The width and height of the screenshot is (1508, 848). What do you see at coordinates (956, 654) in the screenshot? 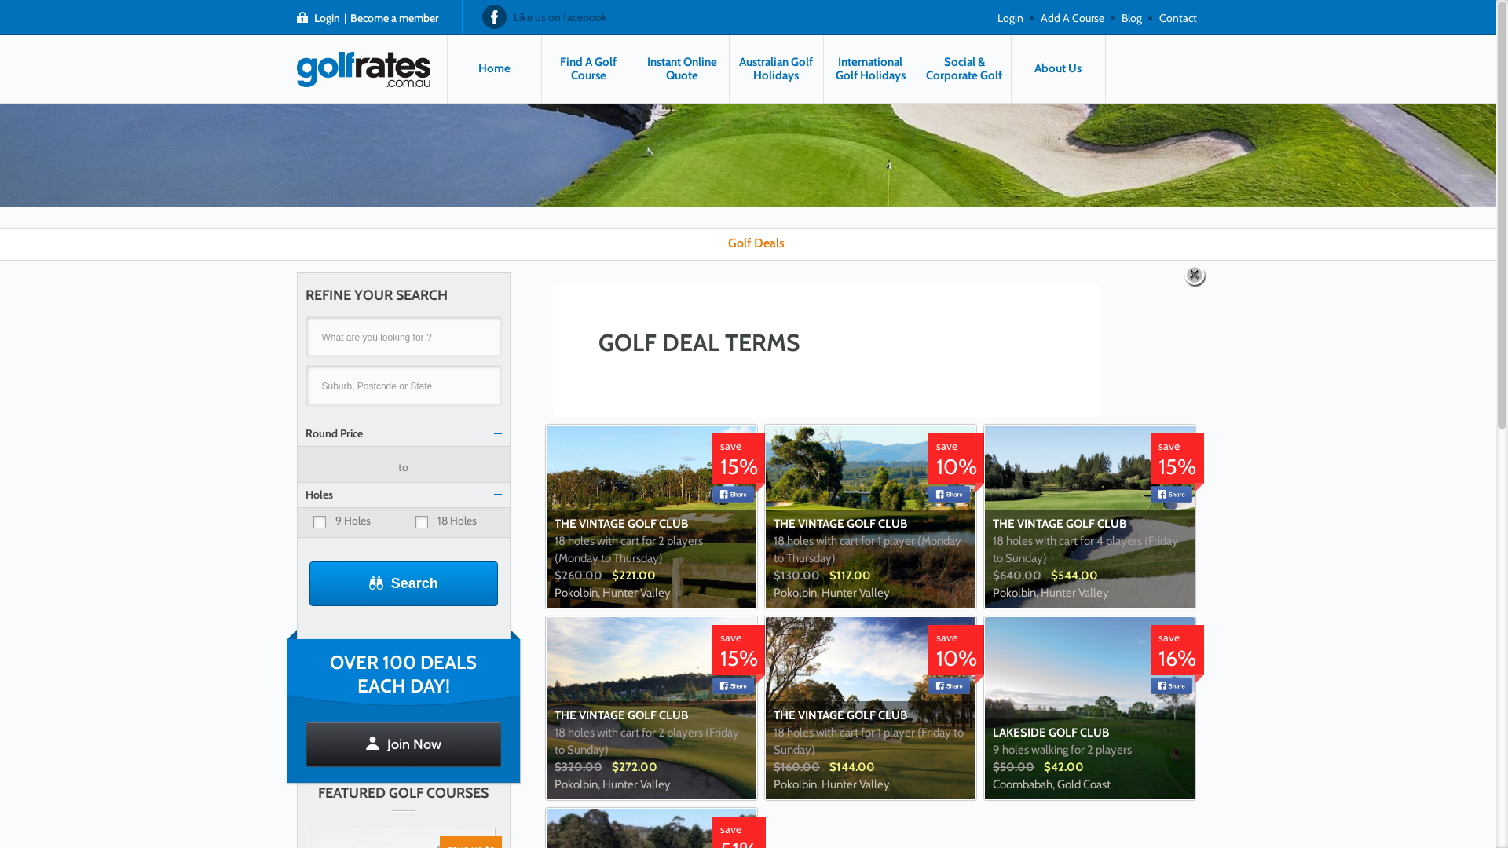
I see `'save` at bounding box center [956, 654].